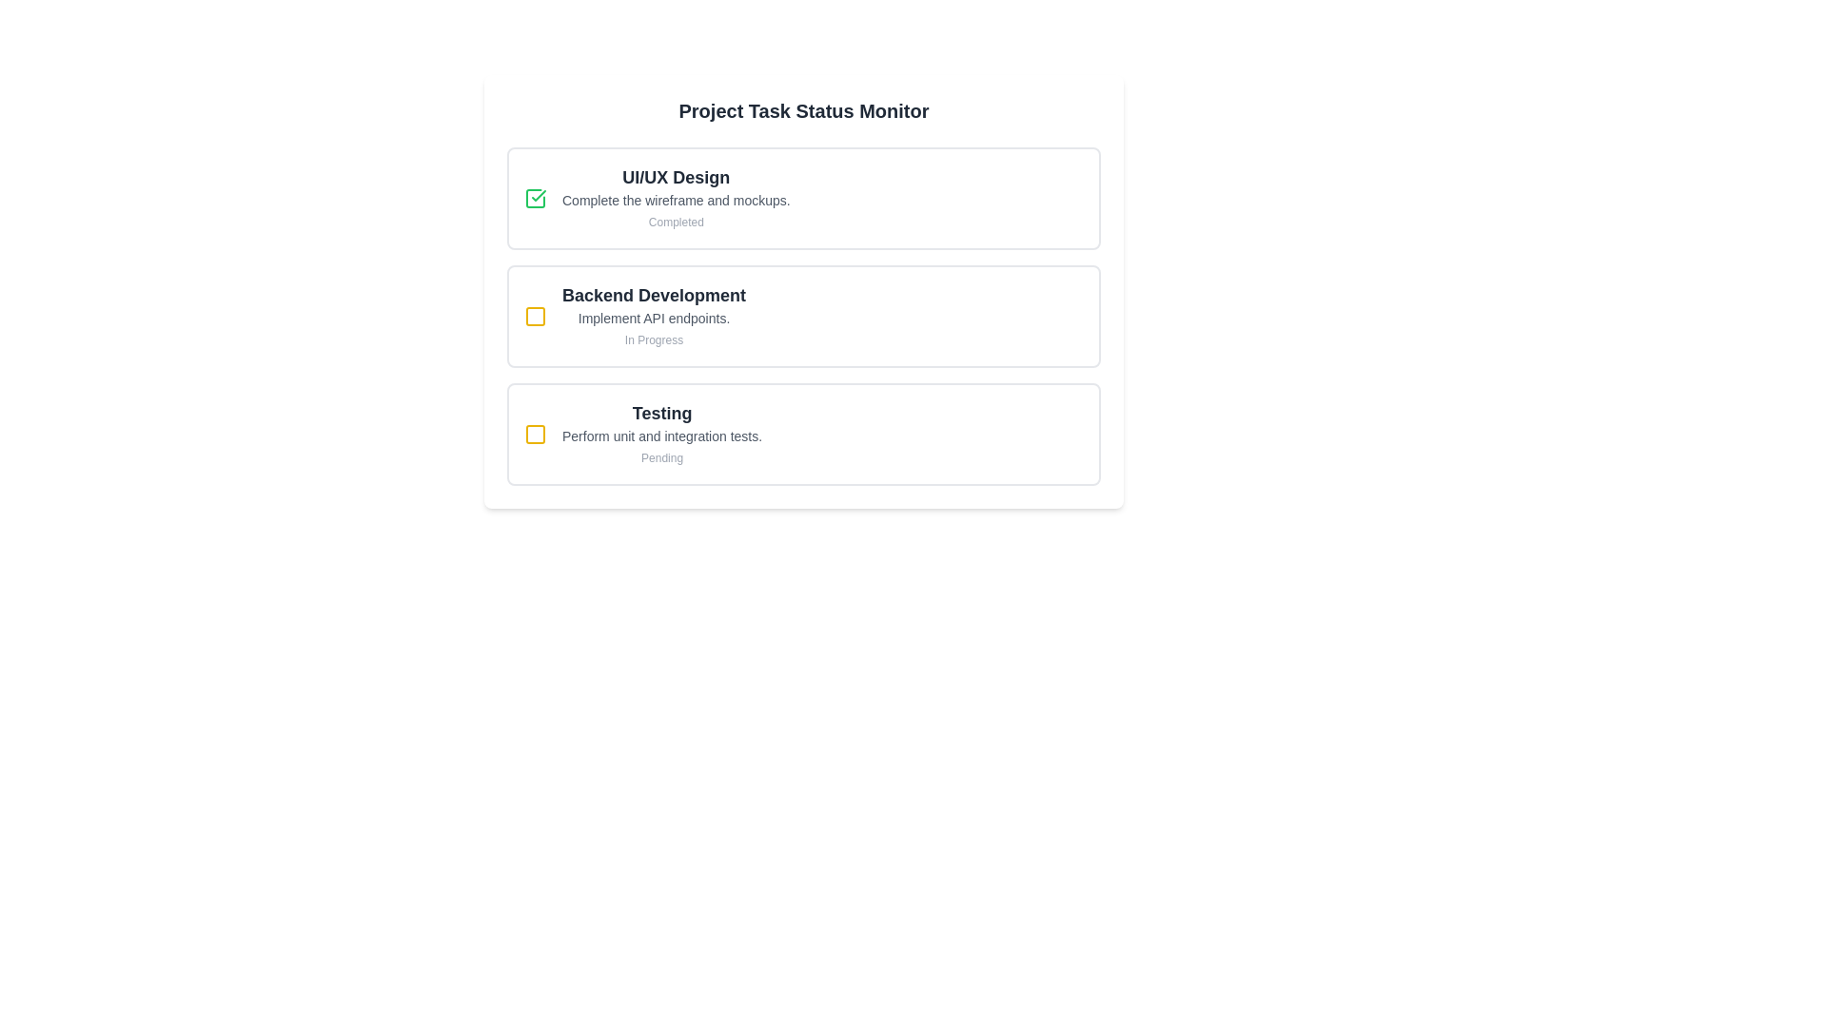 The height and width of the screenshot is (1027, 1827). Describe the element at coordinates (654, 318) in the screenshot. I see `text label that describes the task or item within the 'Backend Development' section, positioned below the title and above the 'In Progress' label` at that location.